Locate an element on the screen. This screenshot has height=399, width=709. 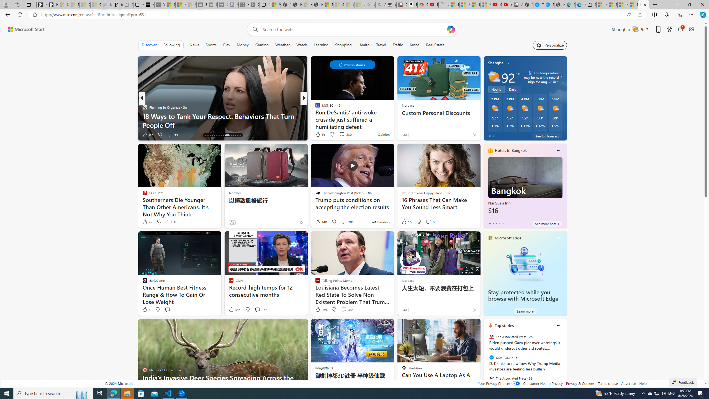
'Workspaces' is located at coordinates (17, 4).